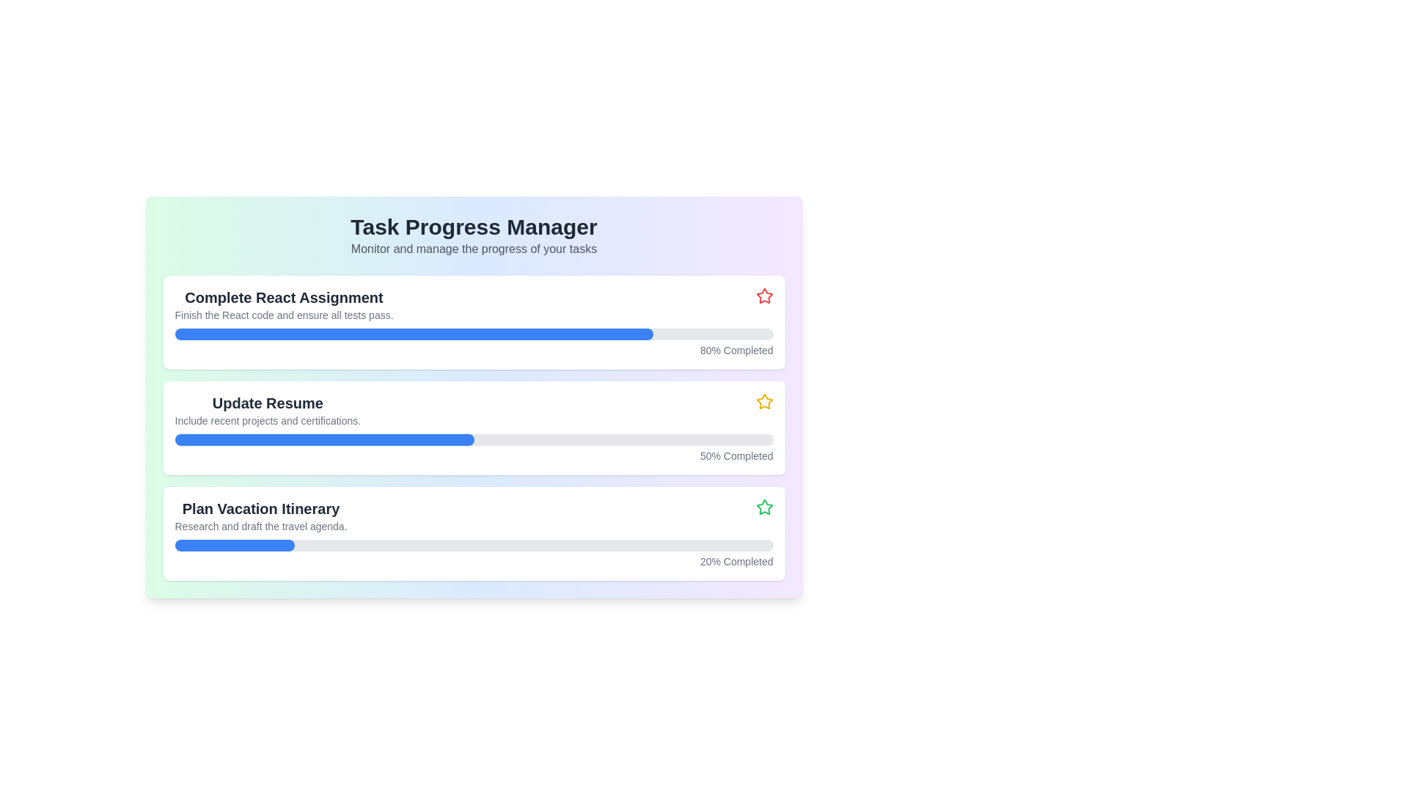 This screenshot has width=1408, height=792. Describe the element at coordinates (268, 421) in the screenshot. I see `text snippet 'Include recent projects and certifications.' which is styled in a small, light gray font and located below the header 'Update Resume' in the second position of the task card` at that location.